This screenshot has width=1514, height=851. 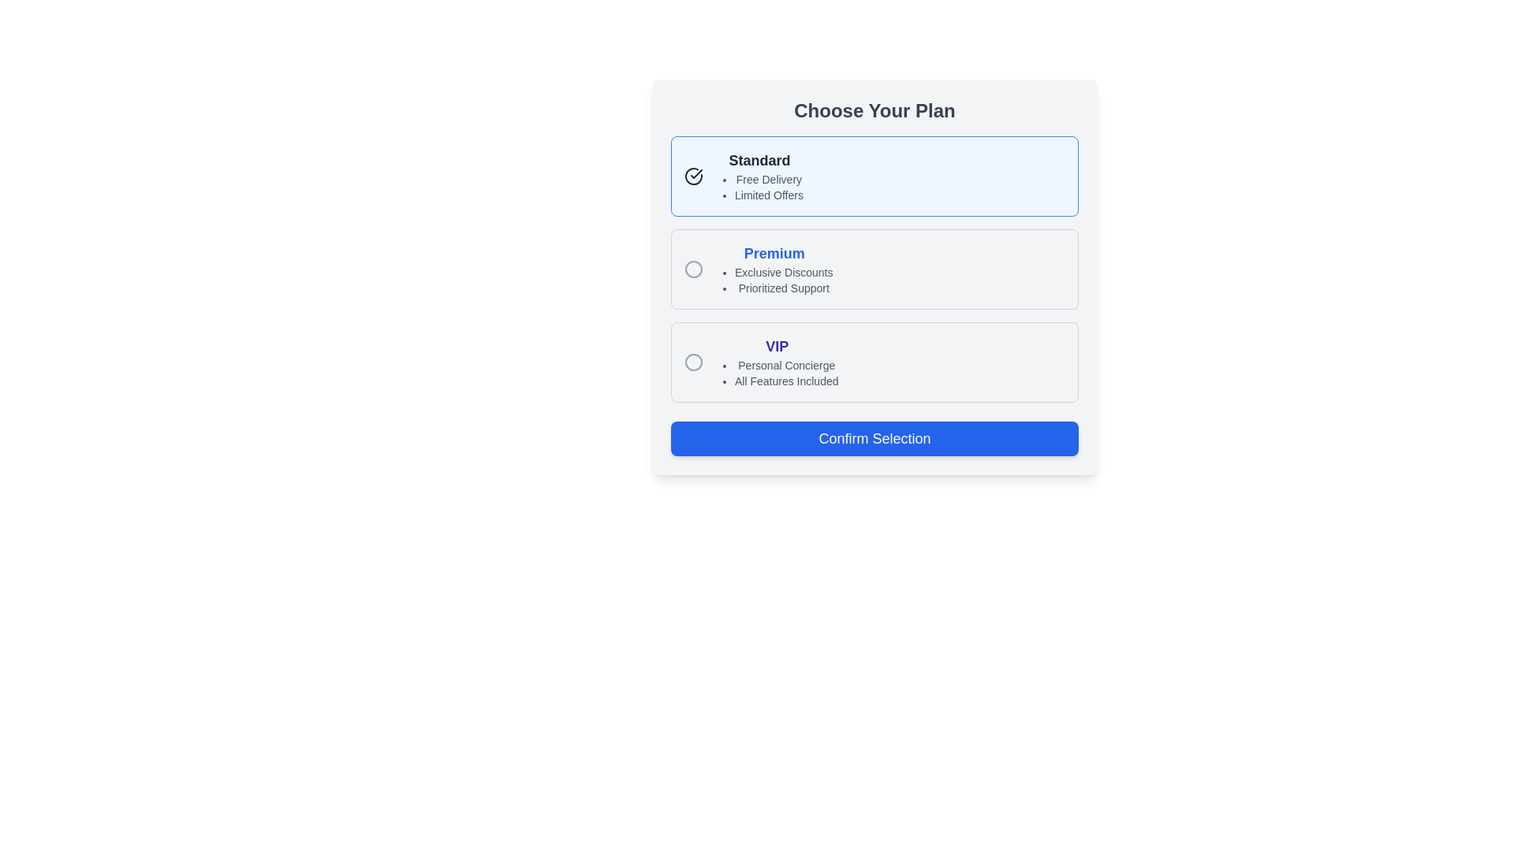 I want to click on the circular radio button with a gray border located at the top-left corner of the 'VIP' option card in the 'Choose Your Plan' section, so click(x=693, y=362).